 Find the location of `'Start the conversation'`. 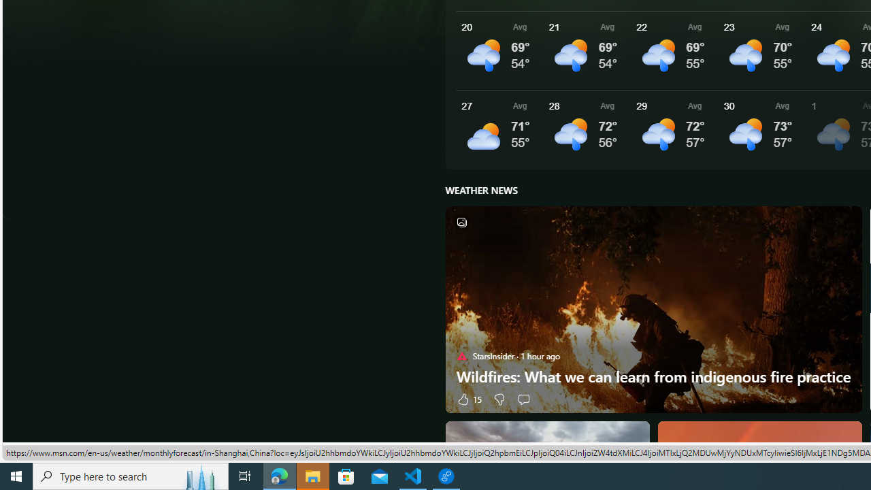

'Start the conversation' is located at coordinates (523, 398).